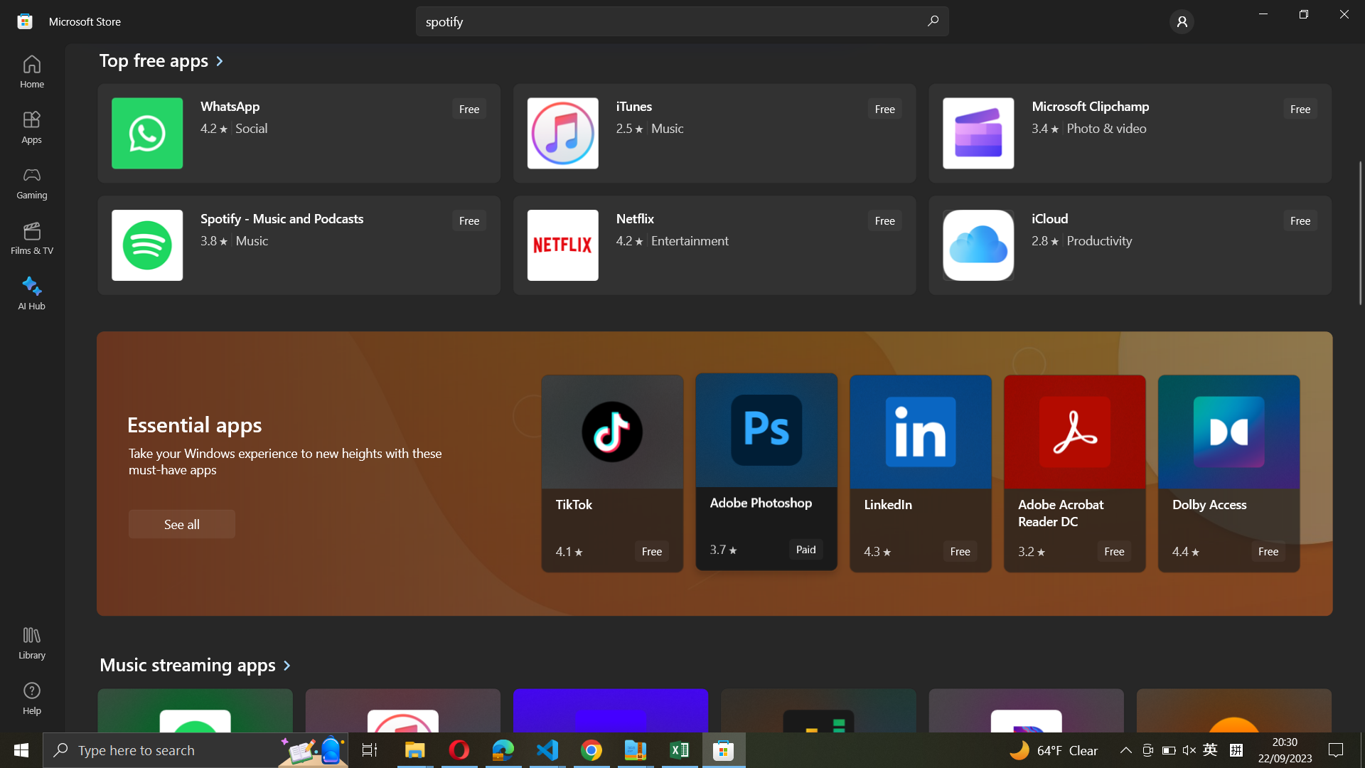 The image size is (1365, 768). What do you see at coordinates (1076, 474) in the screenshot?
I see `Activate Adobe Acrobat Reader DC` at bounding box center [1076, 474].